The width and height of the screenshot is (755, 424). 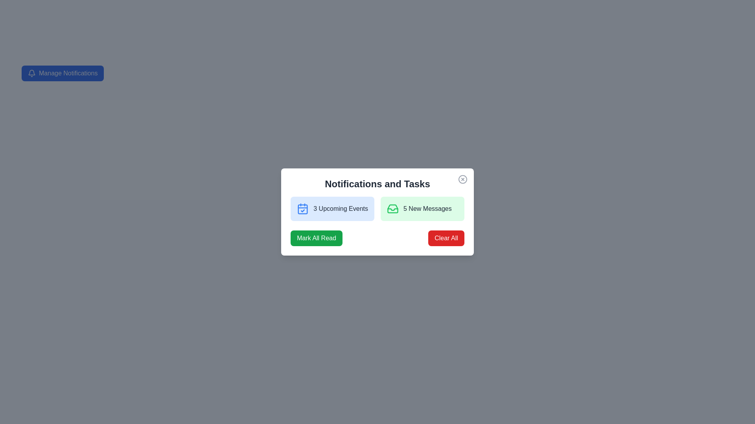 I want to click on the circular close button located at the top right corner of the notification card, so click(x=462, y=179).